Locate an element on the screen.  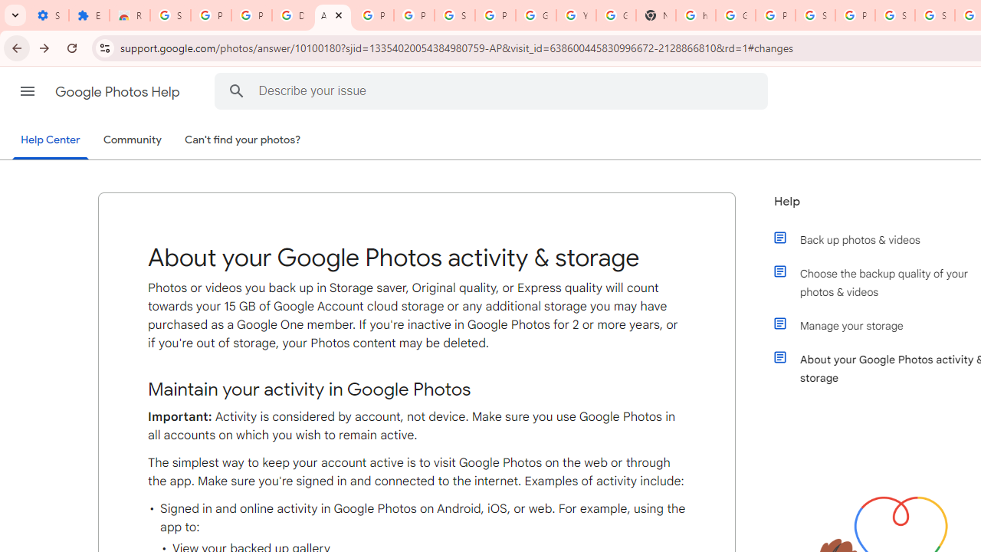
'Can' is located at coordinates (242, 140).